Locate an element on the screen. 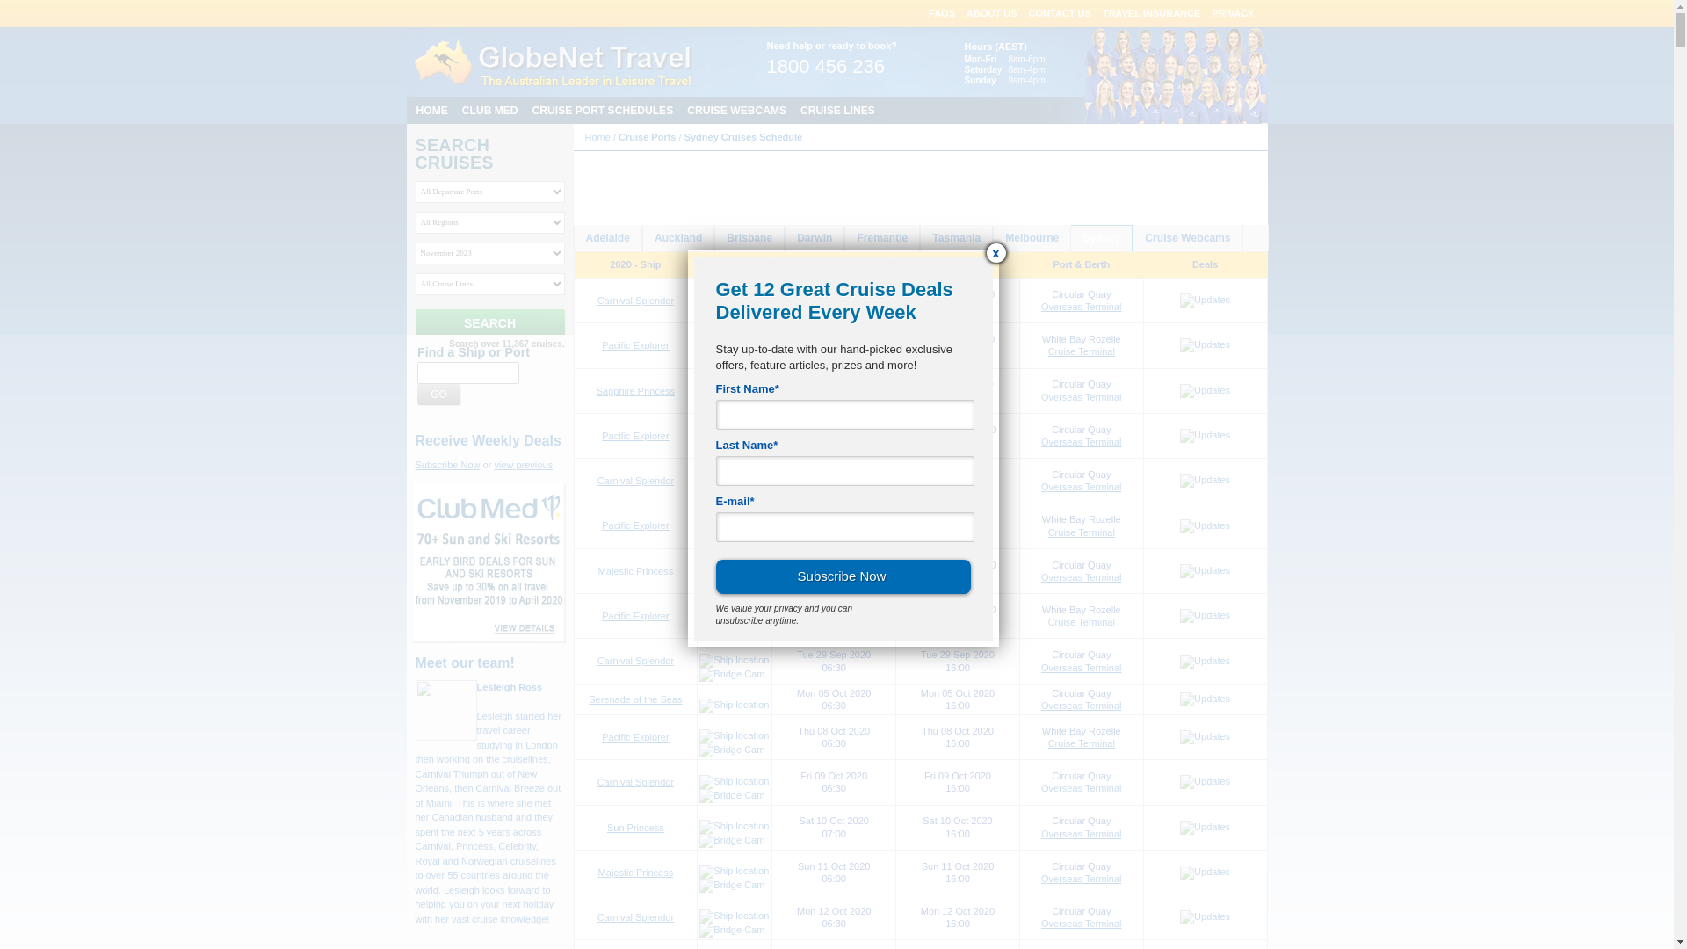  'Ship location' is located at coordinates (734, 704).